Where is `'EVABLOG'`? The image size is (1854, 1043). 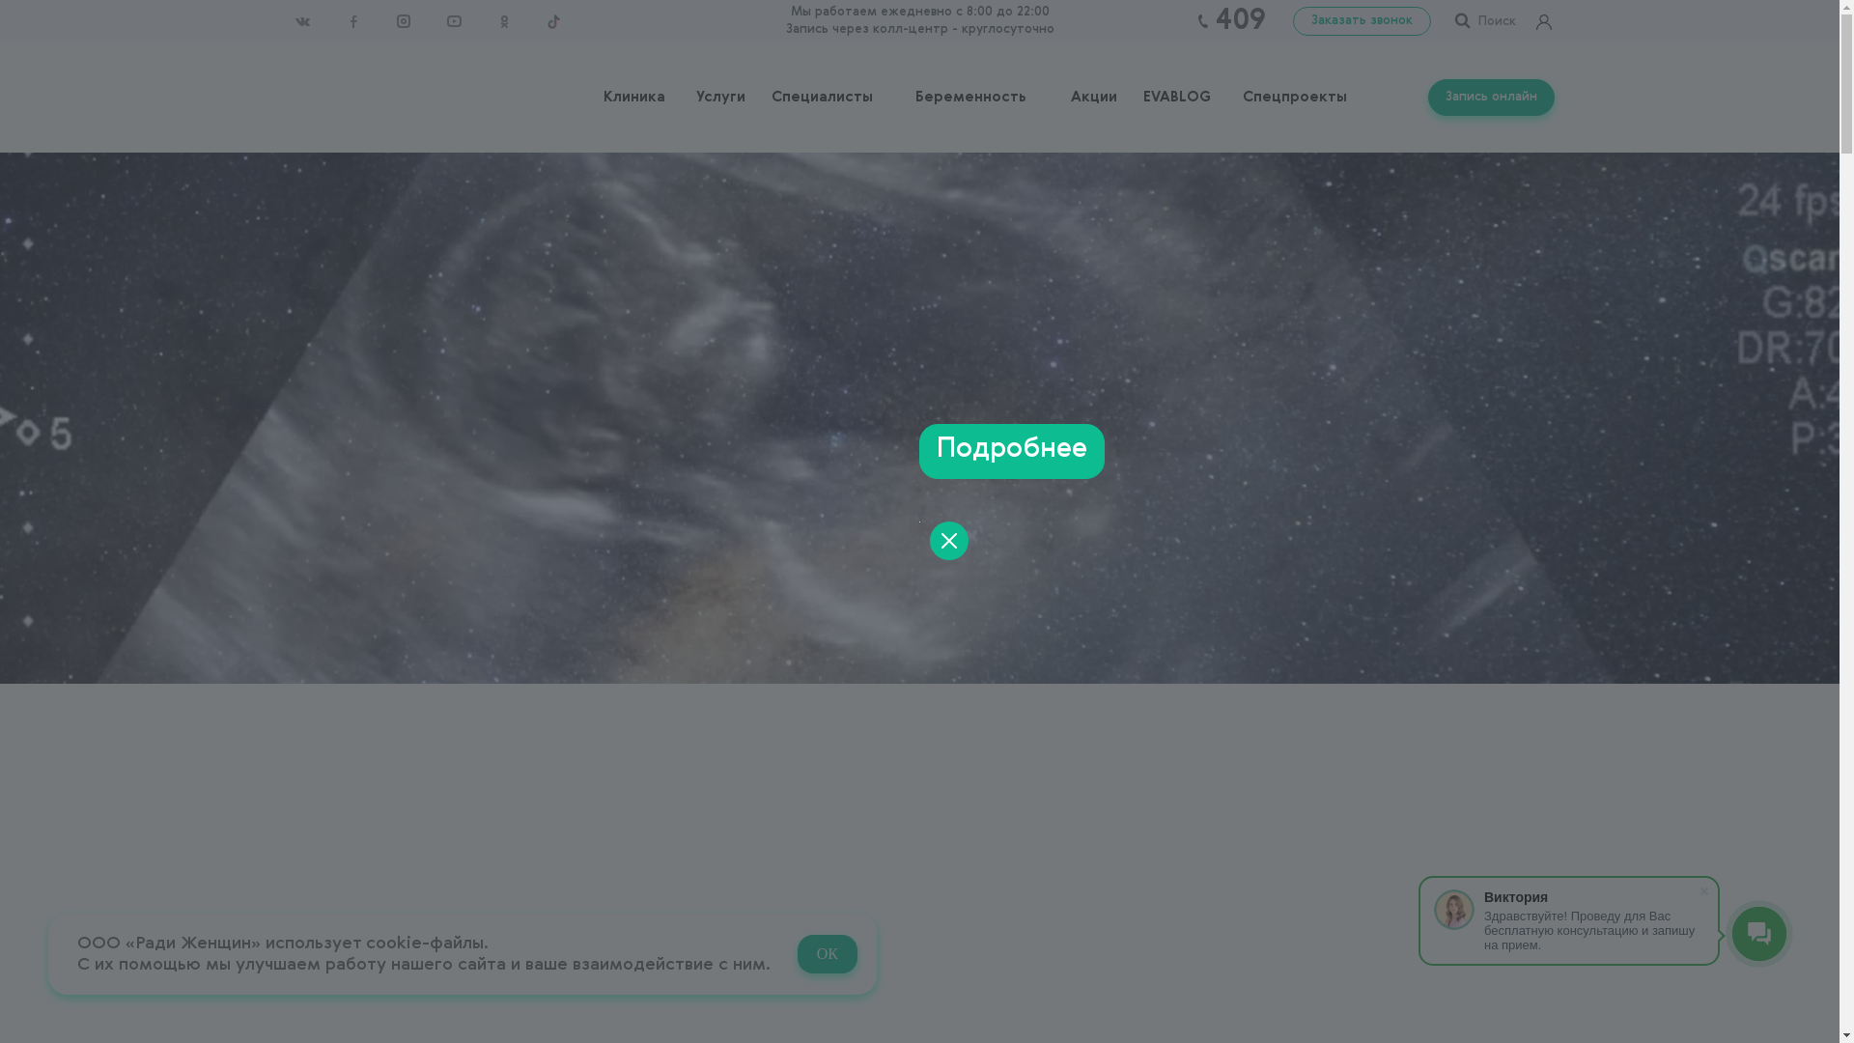 'EVABLOG' is located at coordinates (1176, 97).